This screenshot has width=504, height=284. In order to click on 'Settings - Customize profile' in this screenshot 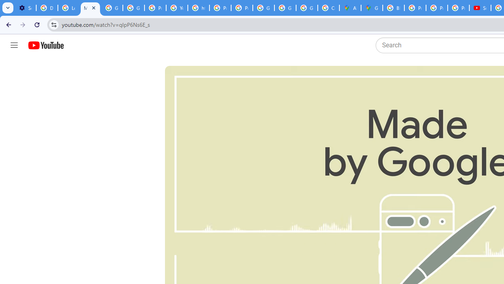, I will do `click(25, 8)`.